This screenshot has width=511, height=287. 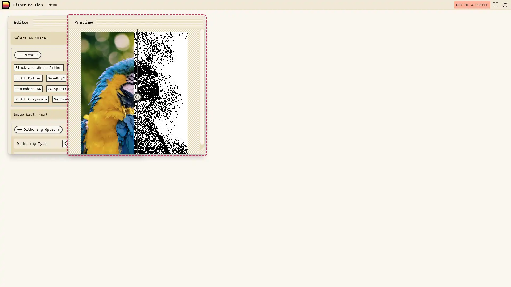 What do you see at coordinates (38, 67) in the screenshot?
I see `Black and White Dither` at bounding box center [38, 67].